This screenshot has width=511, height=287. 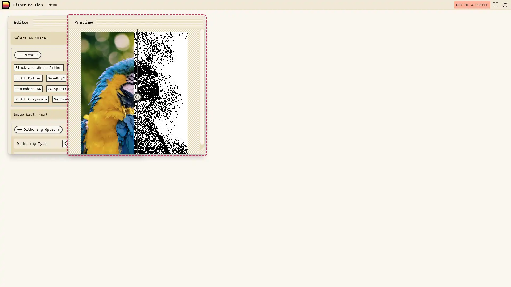 What do you see at coordinates (38, 67) in the screenshot?
I see `Black and White Dither` at bounding box center [38, 67].